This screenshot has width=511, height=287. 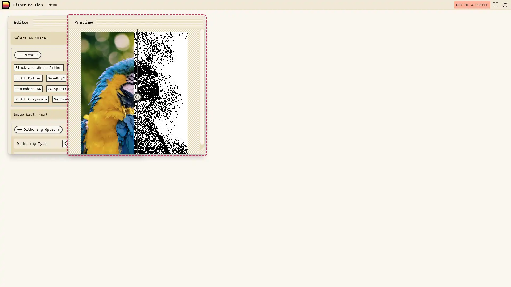 What do you see at coordinates (38, 67) in the screenshot?
I see `Black and White Dither` at bounding box center [38, 67].